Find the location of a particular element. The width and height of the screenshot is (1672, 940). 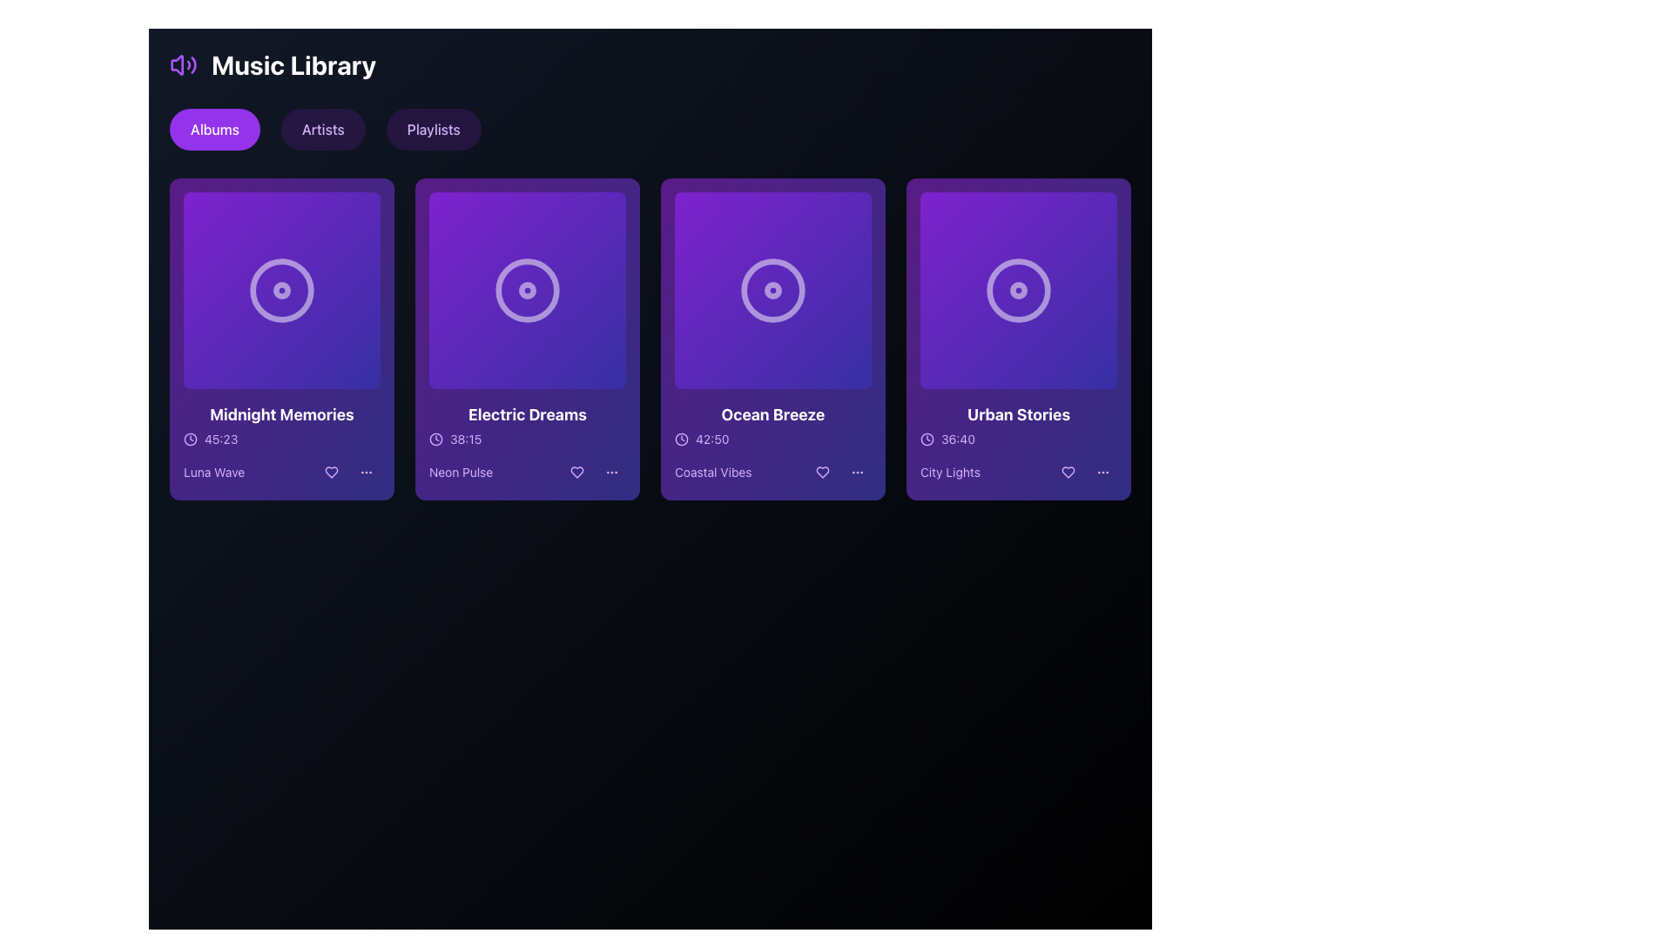

the hollow heart icon button in purple located in the bottom section of the 'Midnight Memories' card is located at coordinates (331, 473).